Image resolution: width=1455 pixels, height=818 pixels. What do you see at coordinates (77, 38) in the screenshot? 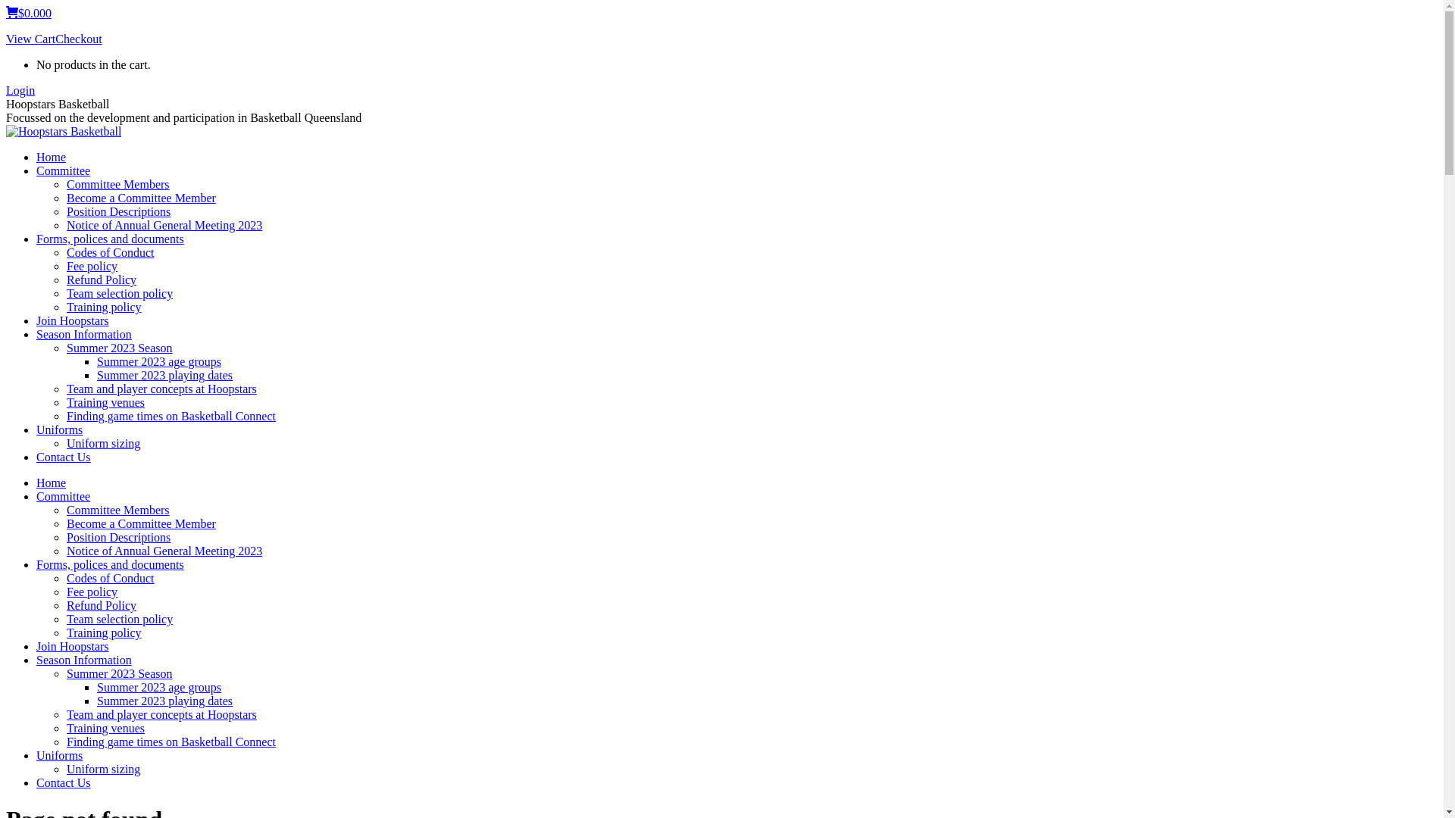
I see `'Checkout'` at bounding box center [77, 38].